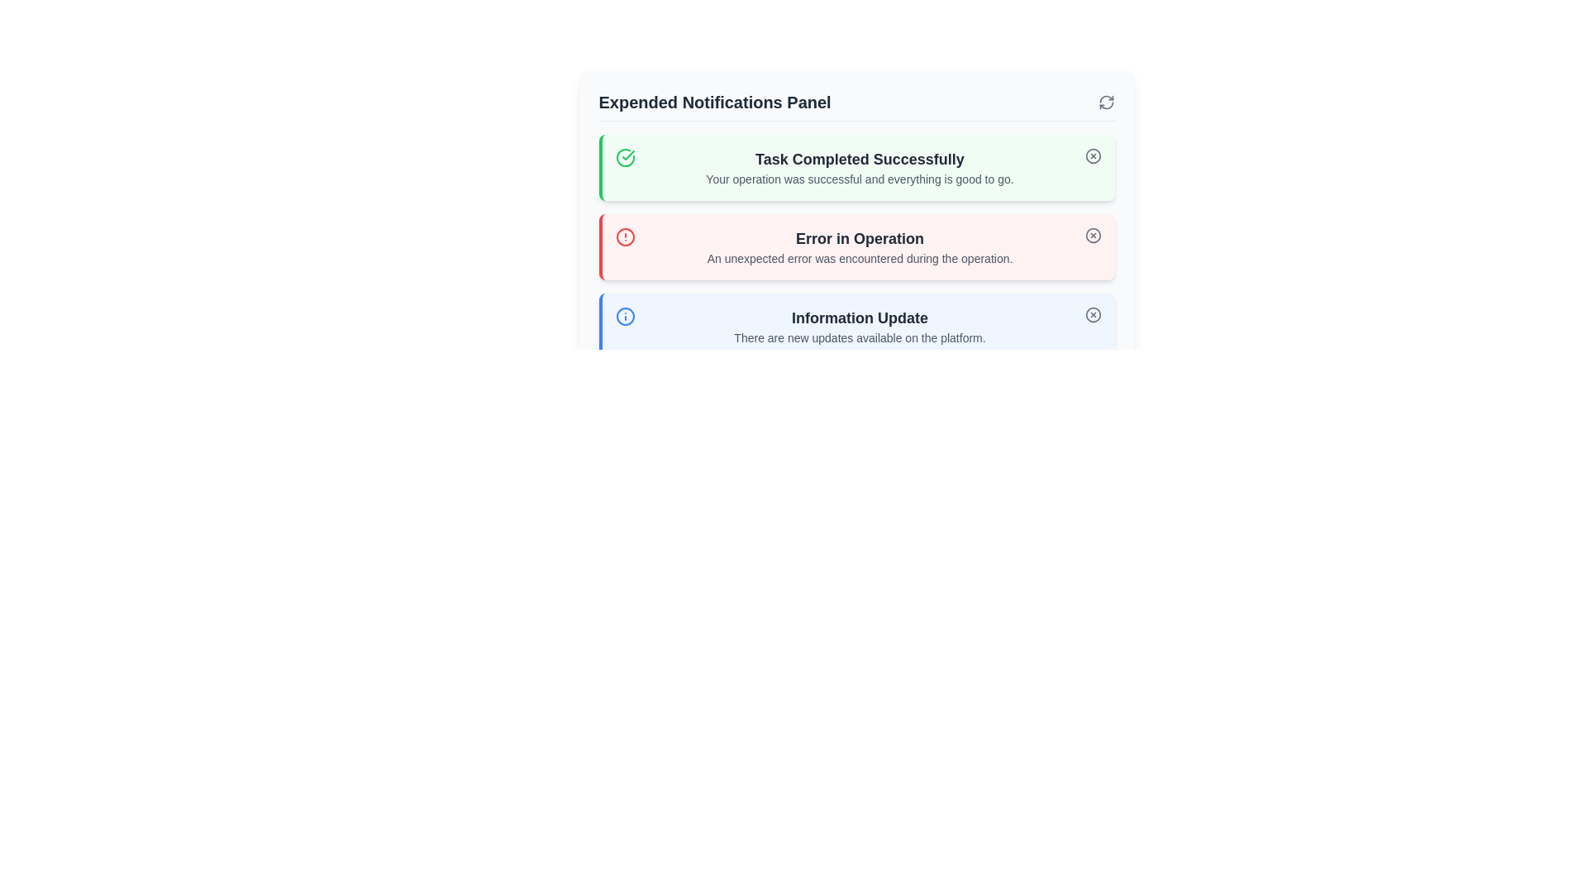 Image resolution: width=1587 pixels, height=893 pixels. I want to click on text label displaying 'An unexpected error was encountered during the operation.' which is styled in gray and located below the heading 'Error in Operation' inside a light red panel, so click(860, 258).